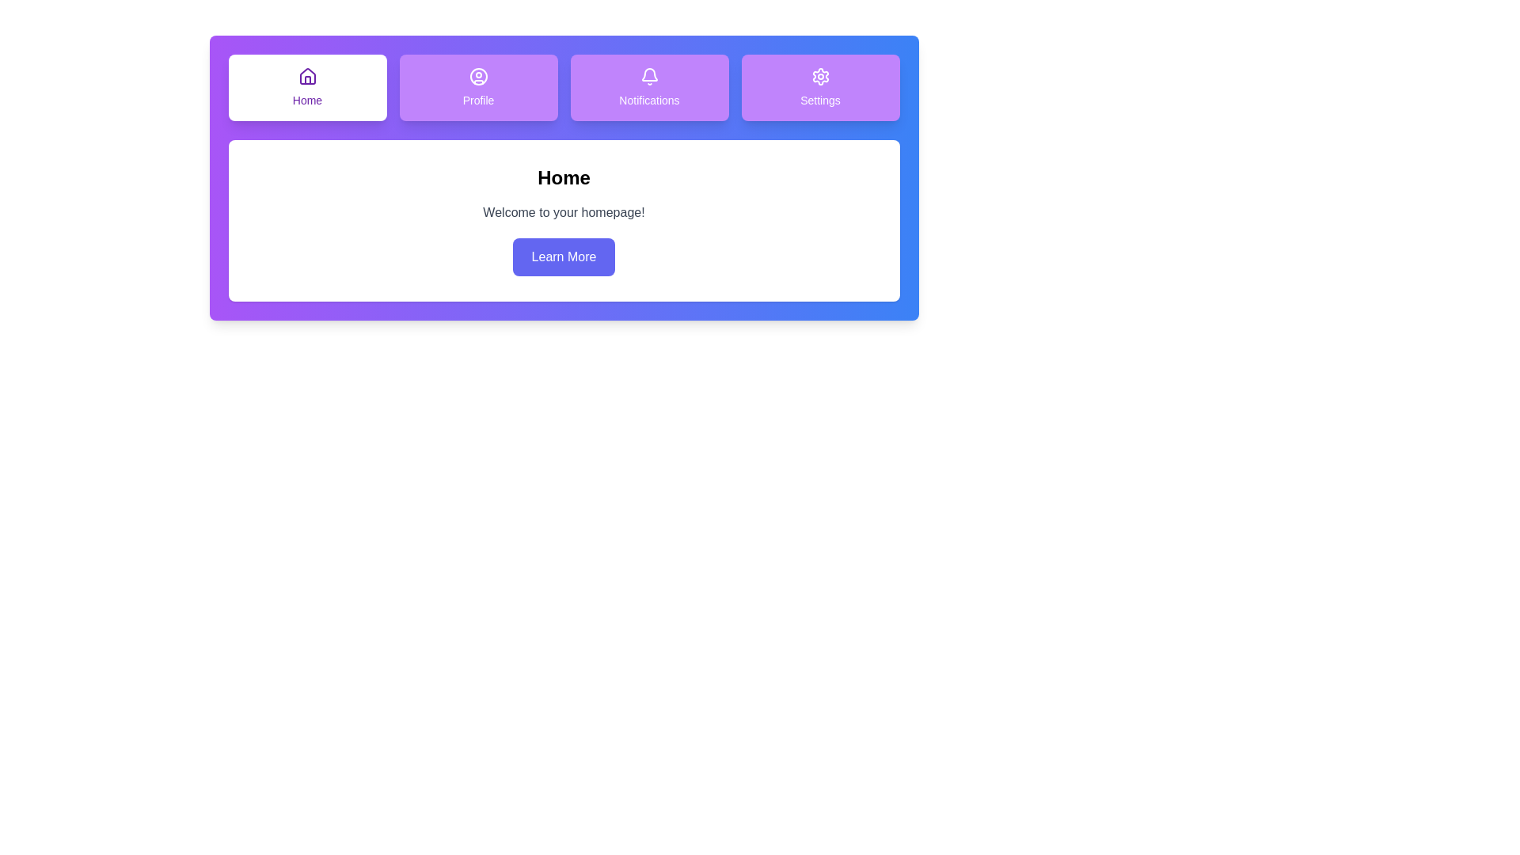 This screenshot has width=1520, height=855. Describe the element at coordinates (307, 88) in the screenshot. I see `the Home tab by clicking on it` at that location.